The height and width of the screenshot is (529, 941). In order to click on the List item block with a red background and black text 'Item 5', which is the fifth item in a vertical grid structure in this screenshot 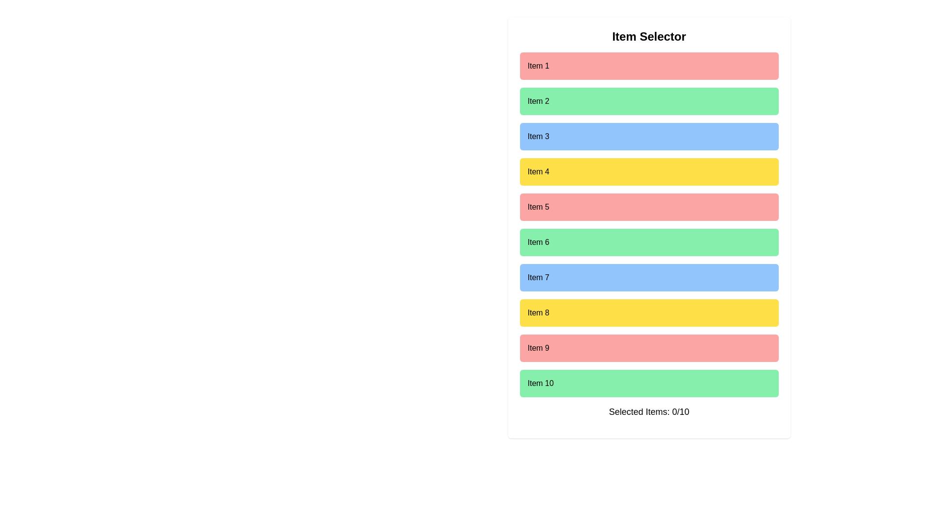, I will do `click(649, 207)`.